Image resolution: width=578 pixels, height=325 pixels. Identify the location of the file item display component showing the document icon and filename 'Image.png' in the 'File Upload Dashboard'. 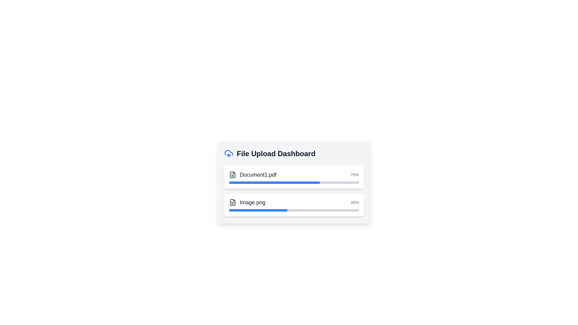
(247, 202).